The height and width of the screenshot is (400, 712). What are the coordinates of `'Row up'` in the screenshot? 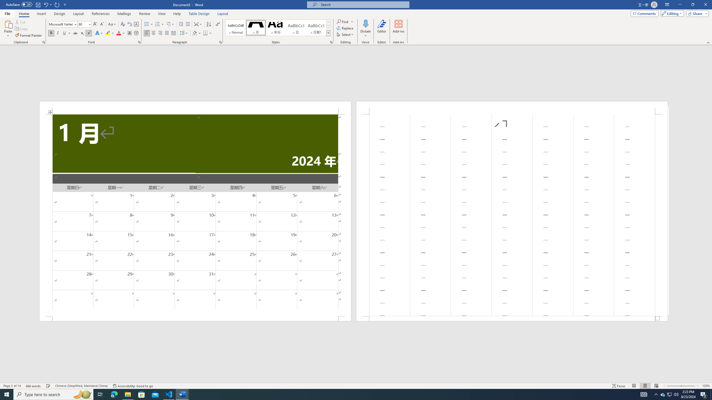 It's located at (328, 22).